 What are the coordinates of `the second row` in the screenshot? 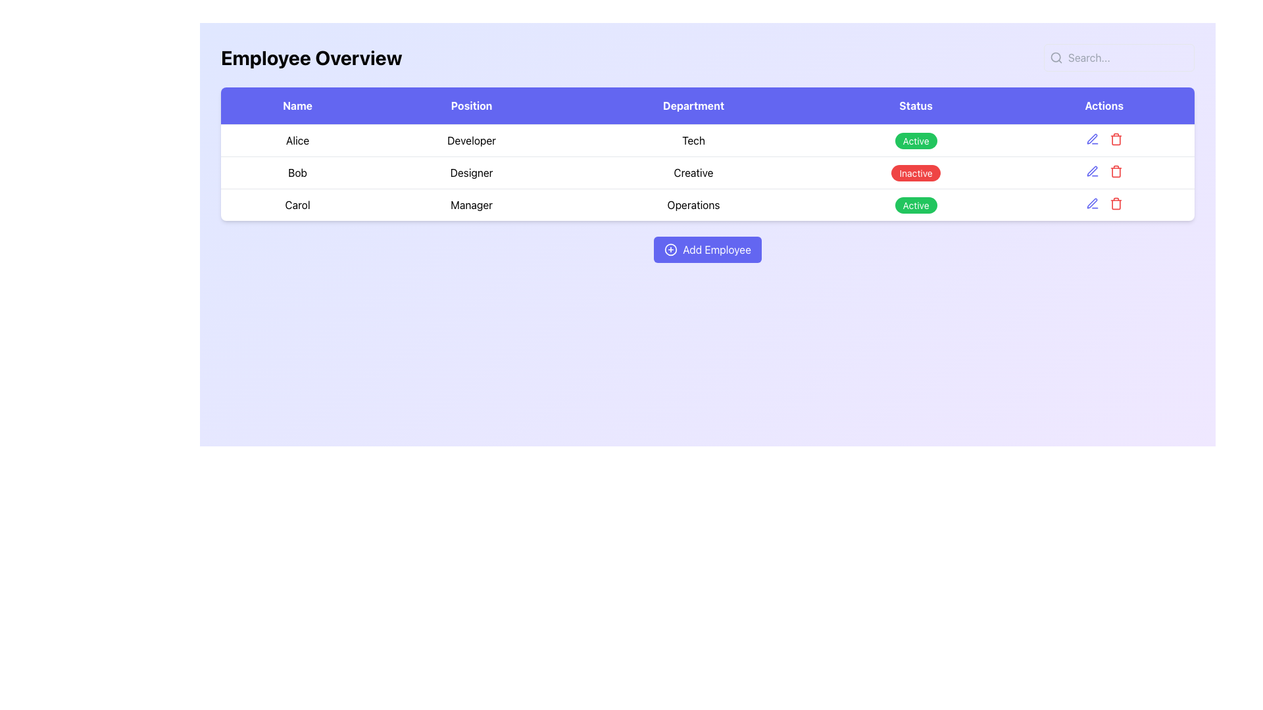 It's located at (706, 172).